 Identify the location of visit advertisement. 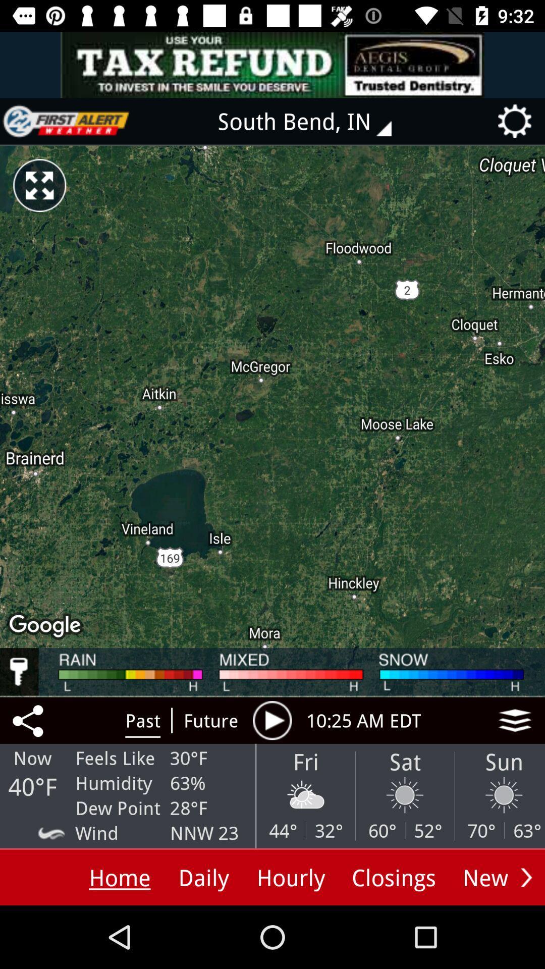
(272, 64).